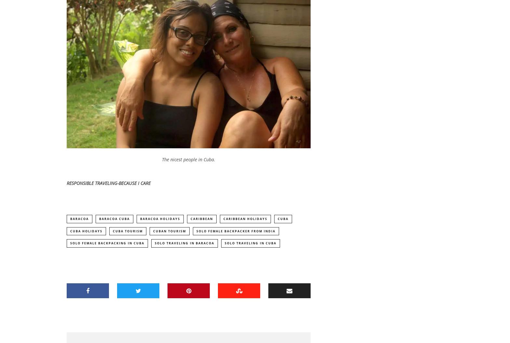  Describe the element at coordinates (66, 183) in the screenshot. I see `'RESPONSIBLE TRAVELING-BECAUSE I CARE'` at that location.